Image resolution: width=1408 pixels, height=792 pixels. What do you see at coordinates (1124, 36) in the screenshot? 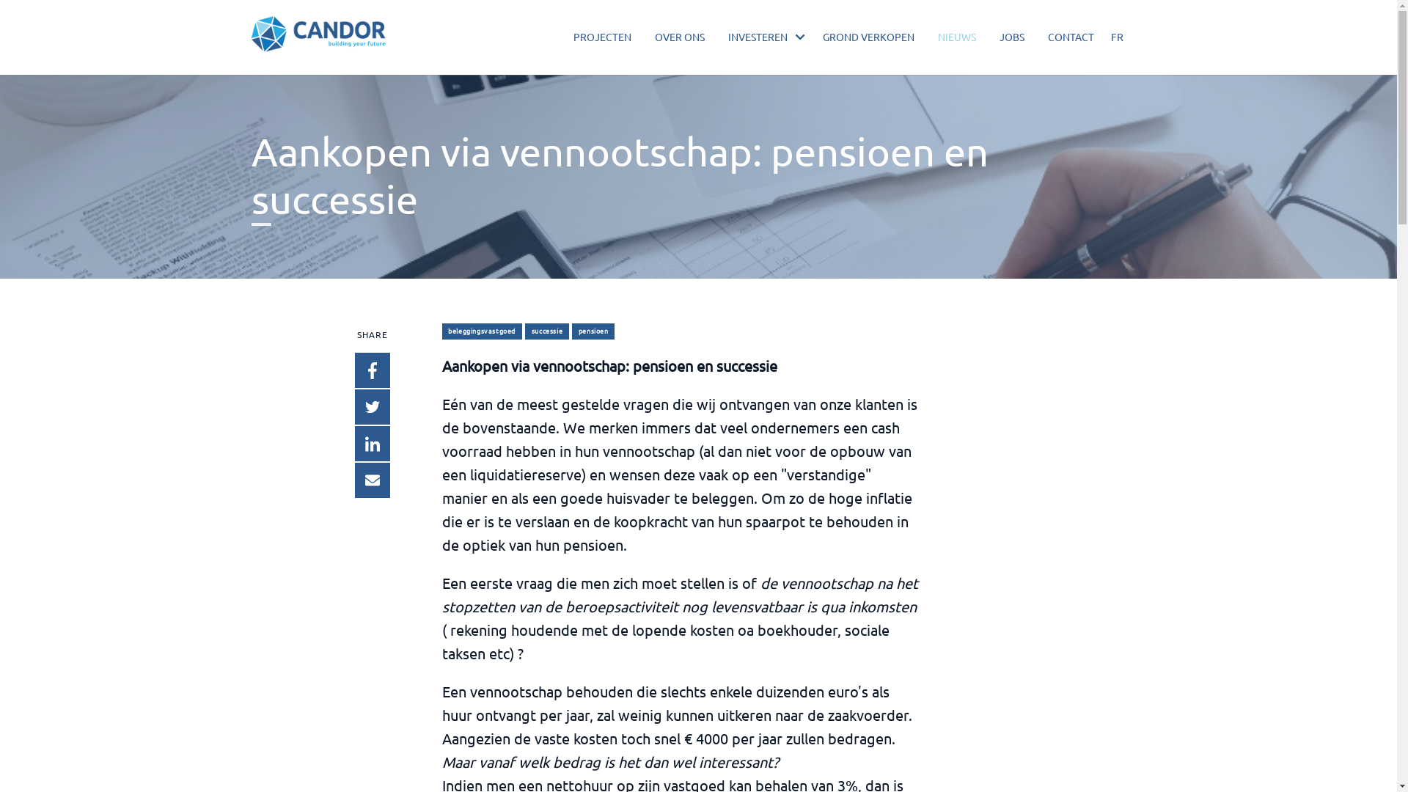
I see `'FR'` at bounding box center [1124, 36].